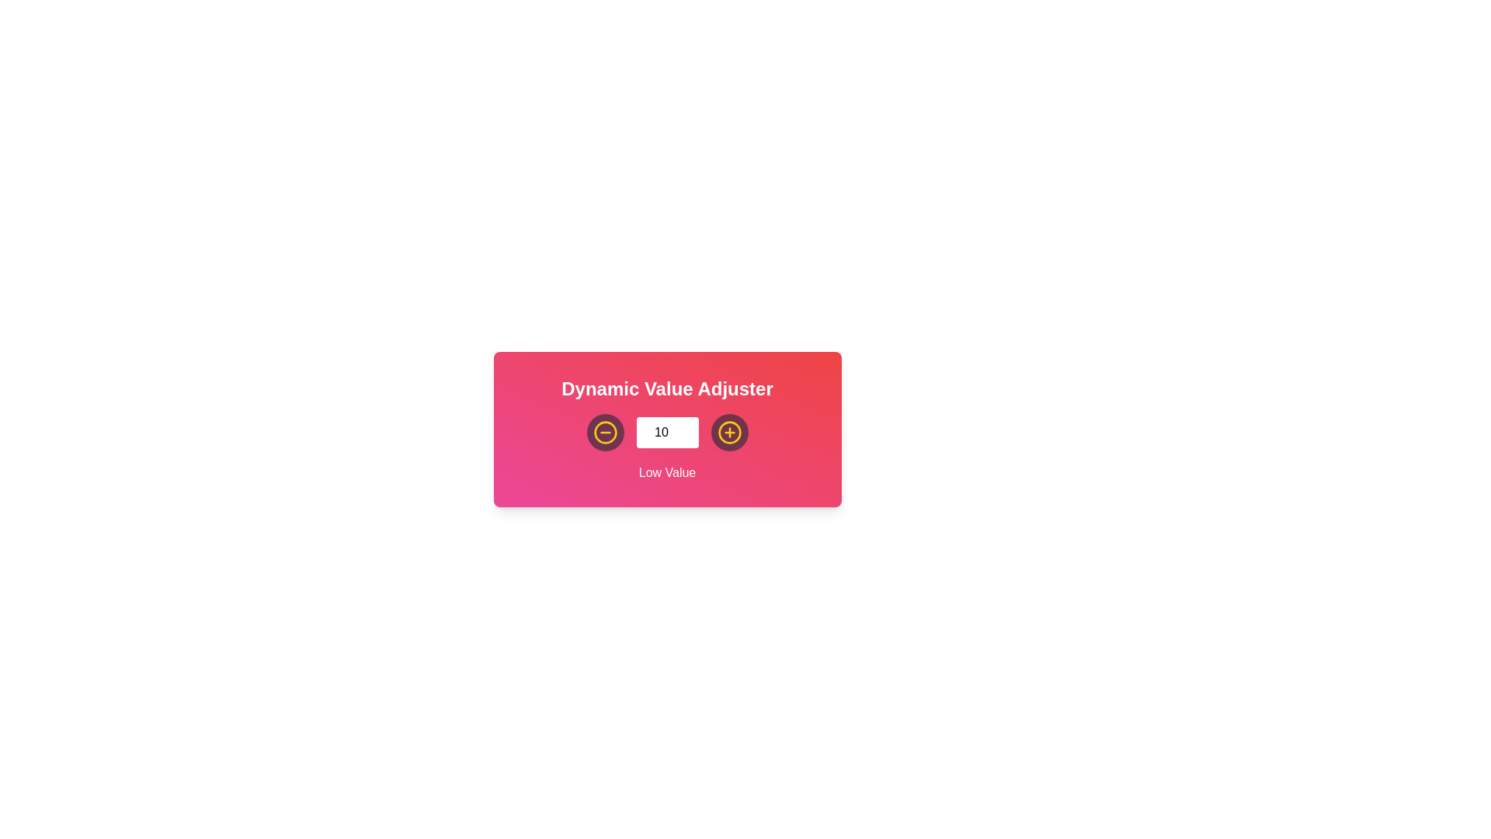  What do you see at coordinates (728, 432) in the screenshot?
I see `the increment button located to the right of the numeric input box to increase its value` at bounding box center [728, 432].